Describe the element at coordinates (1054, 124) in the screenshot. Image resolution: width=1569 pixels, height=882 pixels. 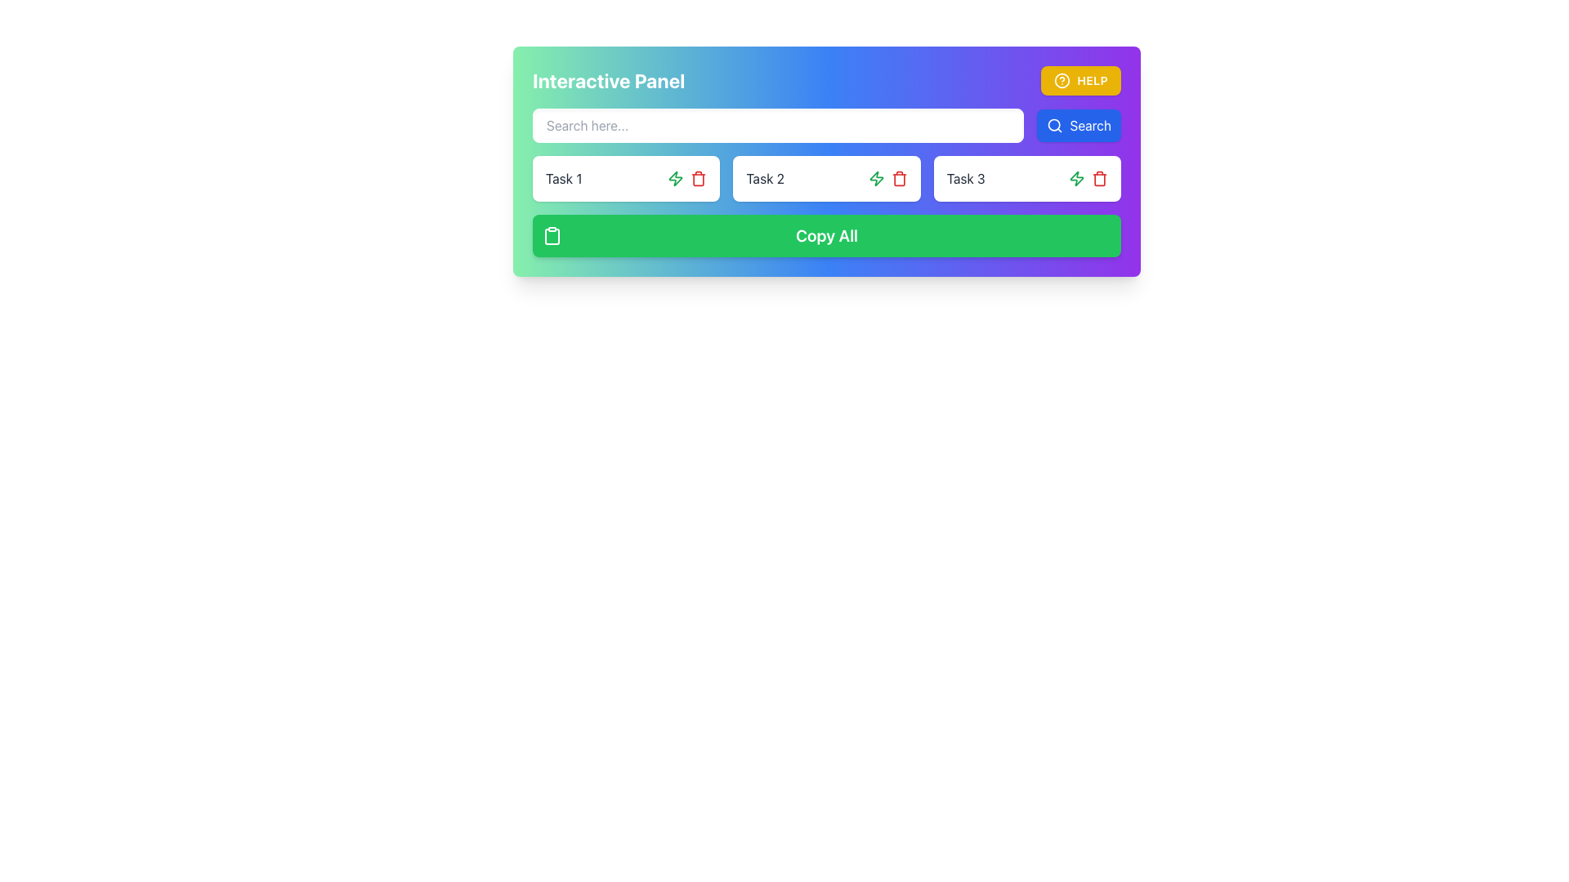
I see `the SVG graphical element representing the magnifying glass icon, located in the top-right corner of the interface` at that location.